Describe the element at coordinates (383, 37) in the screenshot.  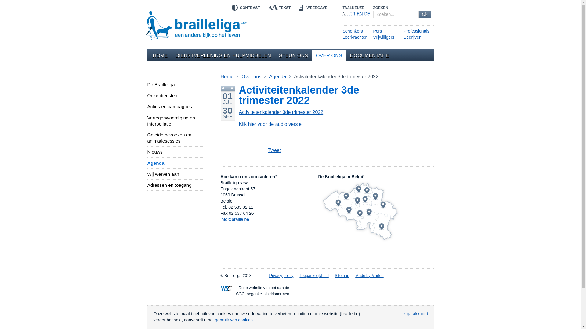
I see `'Vrijwilligers'` at that location.